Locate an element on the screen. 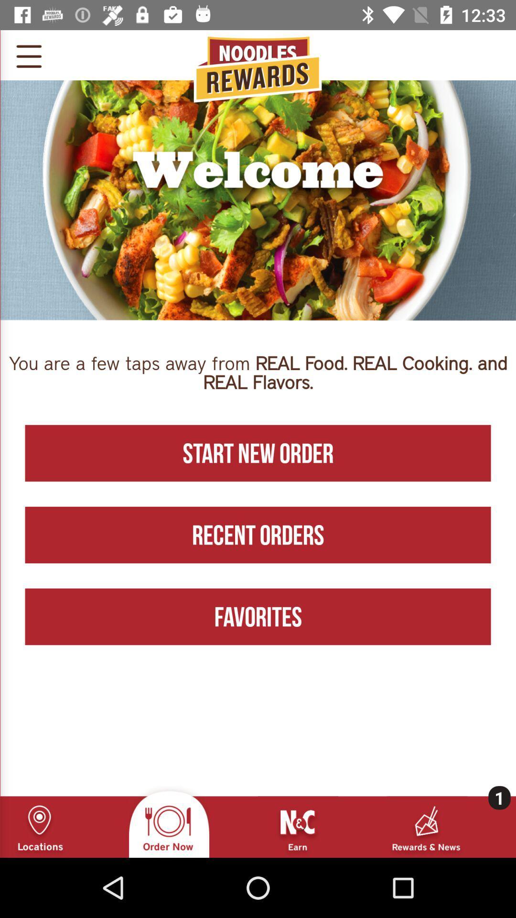  the menu icon is located at coordinates (28, 55).